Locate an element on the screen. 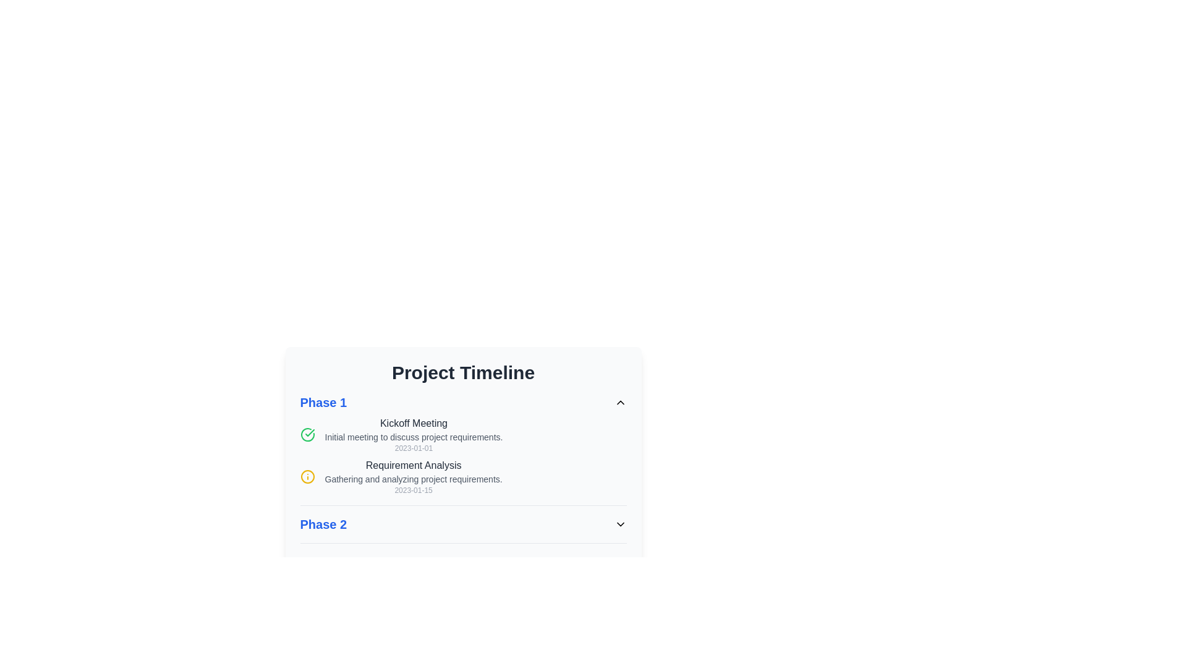 This screenshot has height=668, width=1187. the outer SVG Circle element located within the icon at the top of the Requirement Analysis section is located at coordinates (307, 476).